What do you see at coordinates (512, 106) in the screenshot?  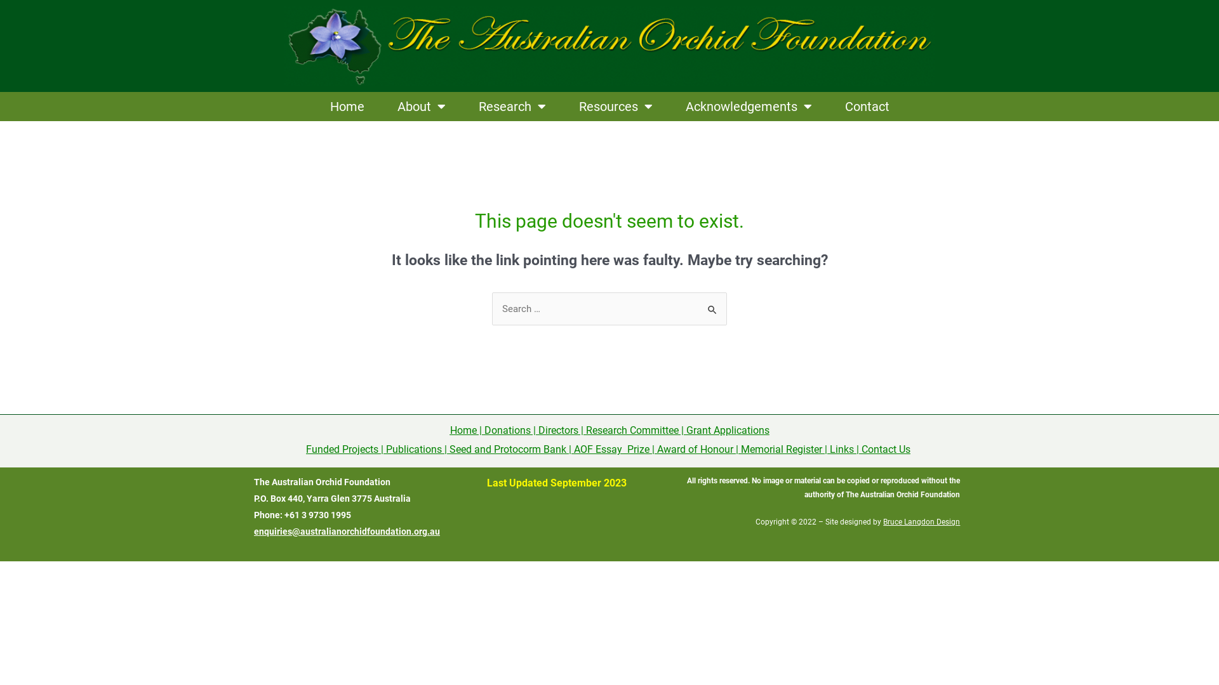 I see `'Research'` at bounding box center [512, 106].